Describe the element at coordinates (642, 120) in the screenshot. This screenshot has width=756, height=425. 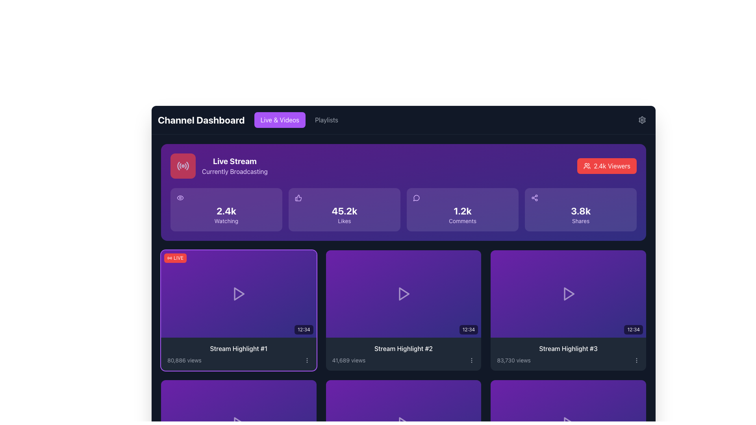
I see `the gear icon button` at that location.